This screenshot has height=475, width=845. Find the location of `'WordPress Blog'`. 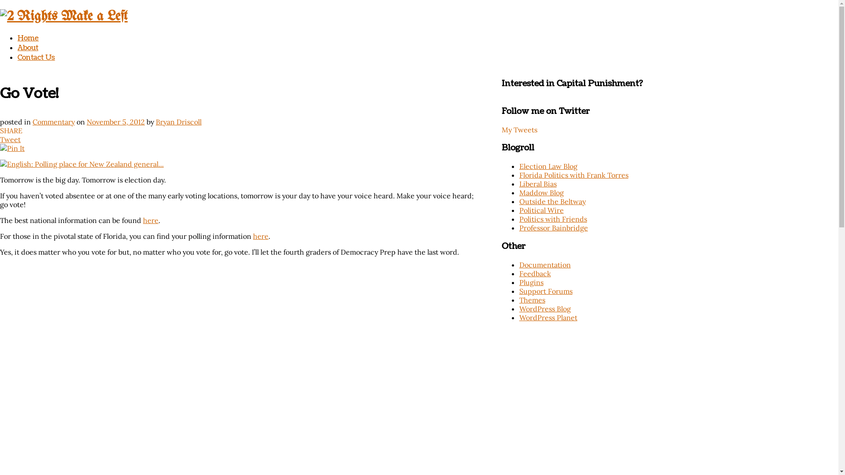

'WordPress Blog' is located at coordinates (519, 308).